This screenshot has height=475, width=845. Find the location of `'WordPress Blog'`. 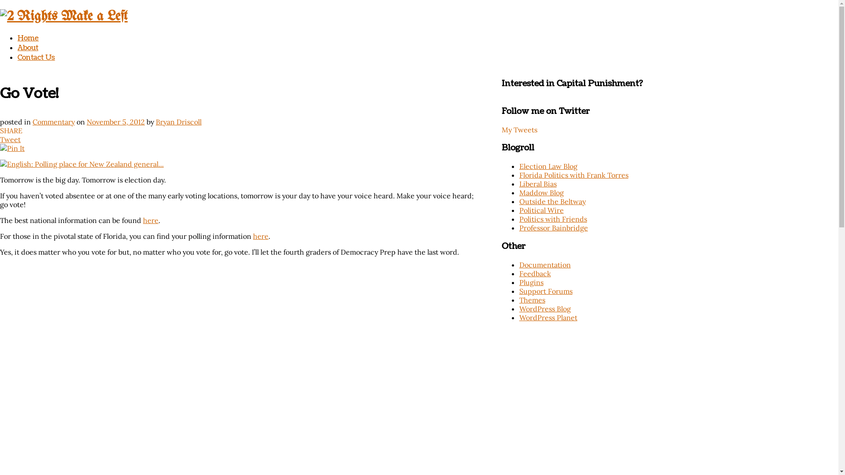

'WordPress Blog' is located at coordinates (519, 308).